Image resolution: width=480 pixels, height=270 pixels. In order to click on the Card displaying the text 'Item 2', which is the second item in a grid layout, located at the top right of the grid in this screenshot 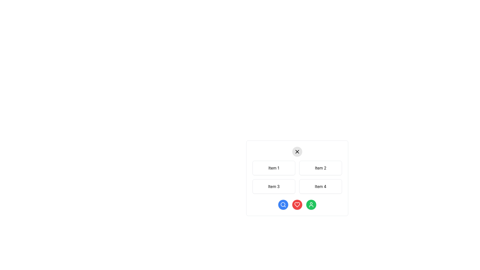, I will do `click(320, 168)`.